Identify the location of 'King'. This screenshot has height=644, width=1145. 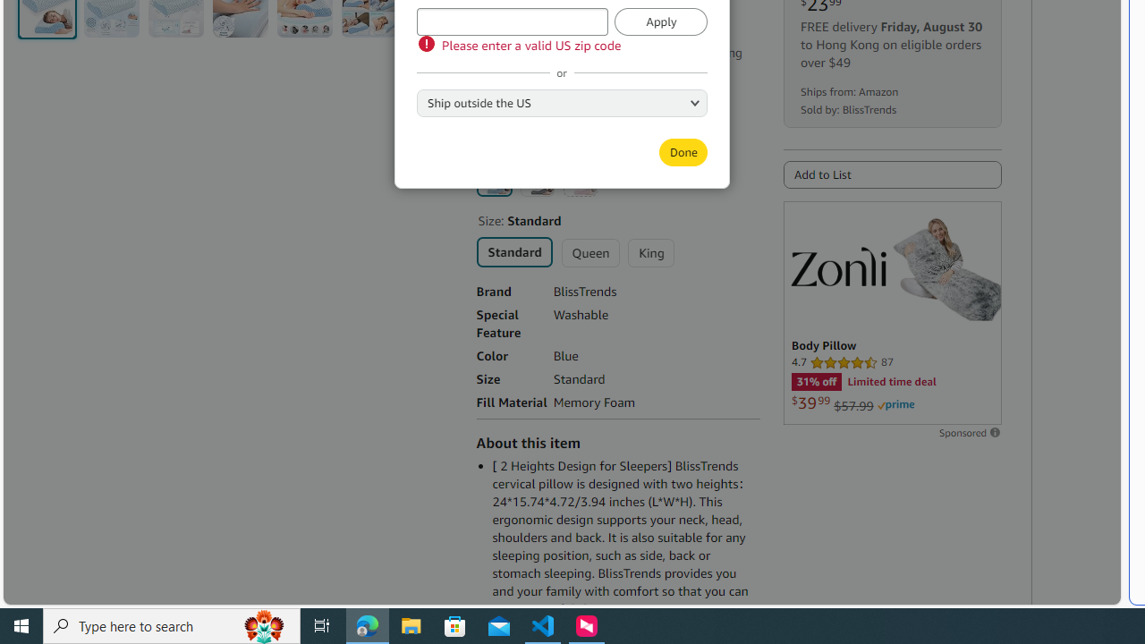
(649, 252).